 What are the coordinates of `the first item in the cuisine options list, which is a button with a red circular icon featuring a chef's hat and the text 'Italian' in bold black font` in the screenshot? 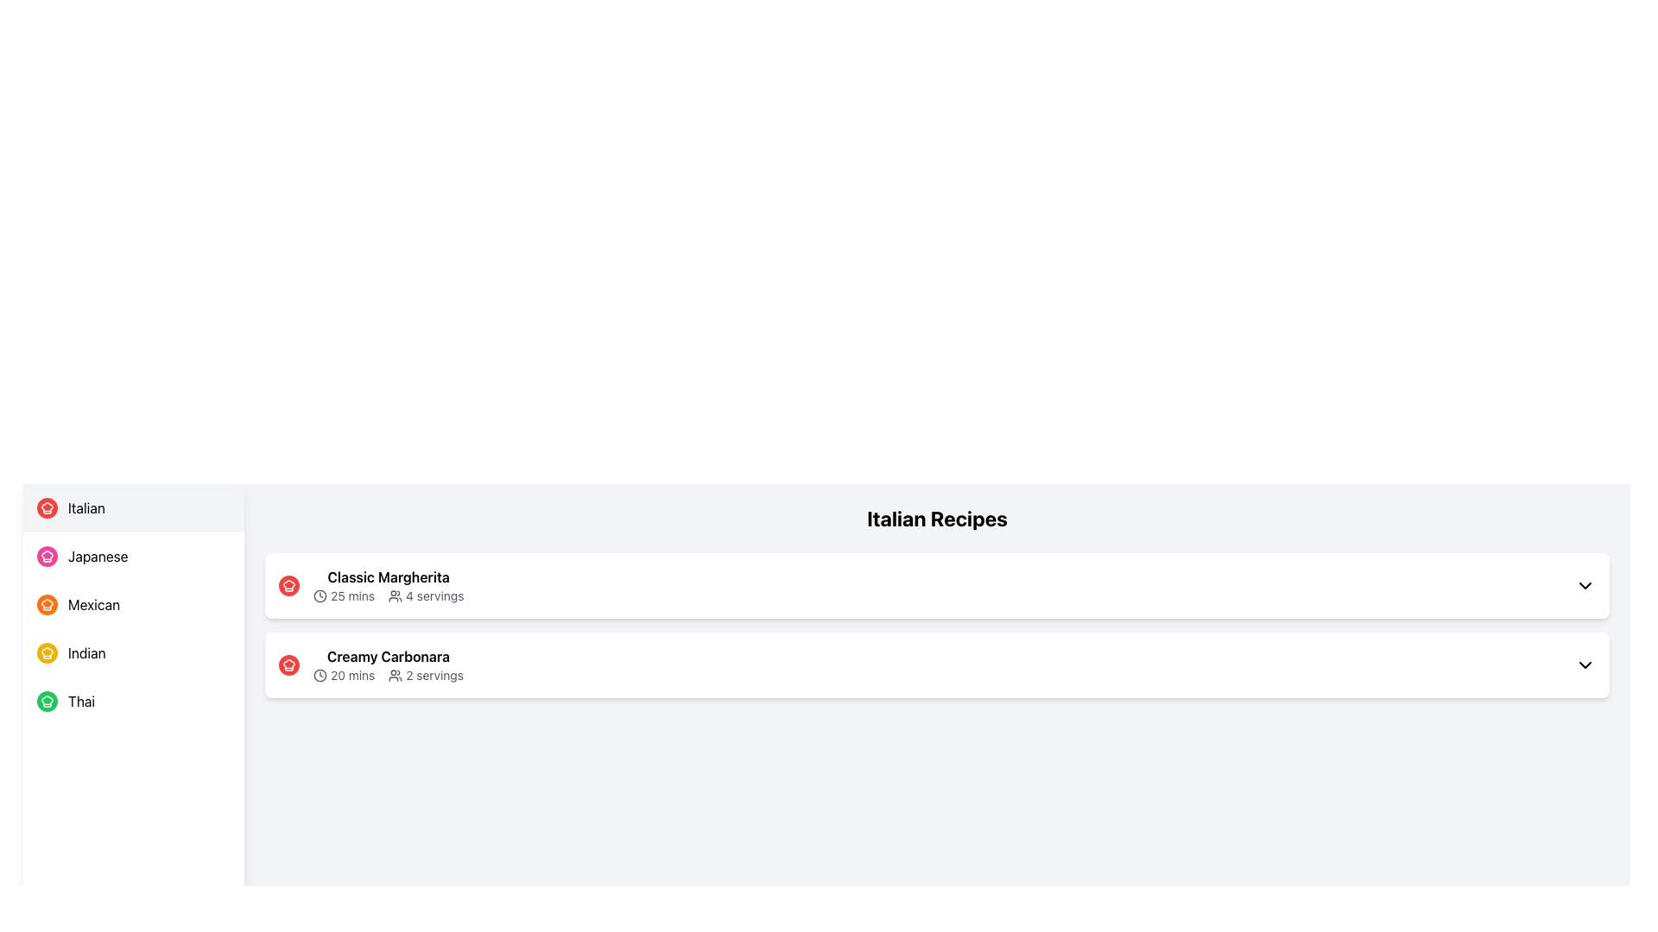 It's located at (132, 507).